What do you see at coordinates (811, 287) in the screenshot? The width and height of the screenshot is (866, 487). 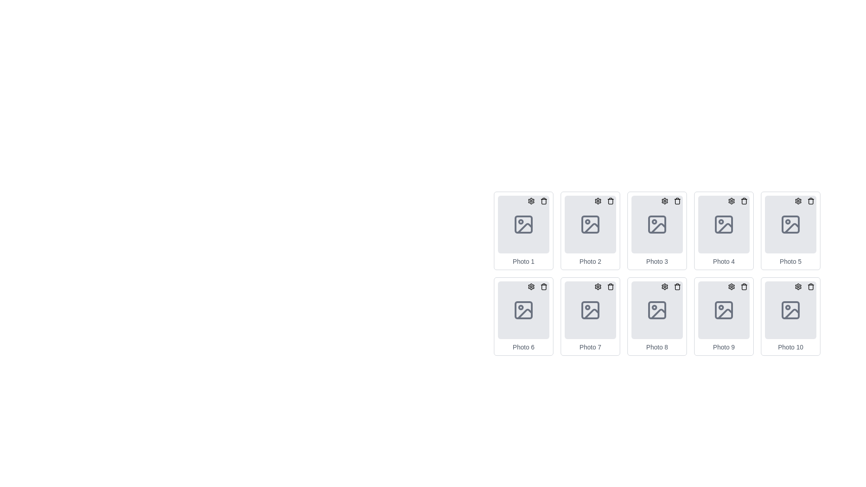 I see `the trash bin icon button located in the top-right corner of the 'Photo 10' card` at bounding box center [811, 287].